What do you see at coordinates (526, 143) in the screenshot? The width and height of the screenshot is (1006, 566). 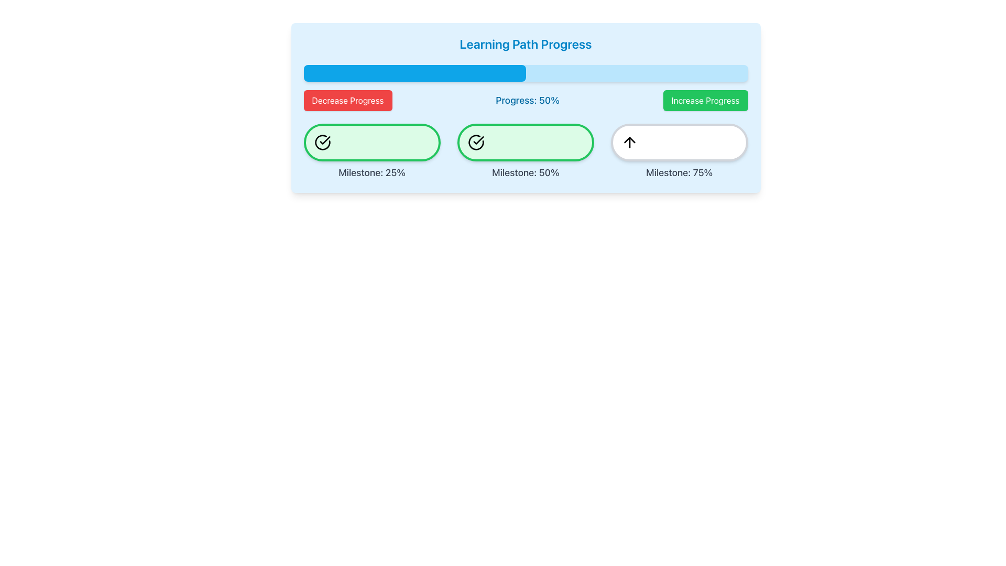 I see `the Progress milestone indicator, which is a circular badge with a green border and light green background, containing a checkmark icon, located underneath the progress bar and corresponding to the 'Milestone: 50%' label` at bounding box center [526, 143].